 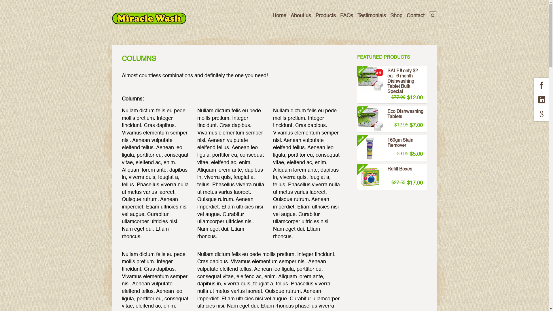 What do you see at coordinates (290, 15) in the screenshot?
I see `'About us'` at bounding box center [290, 15].